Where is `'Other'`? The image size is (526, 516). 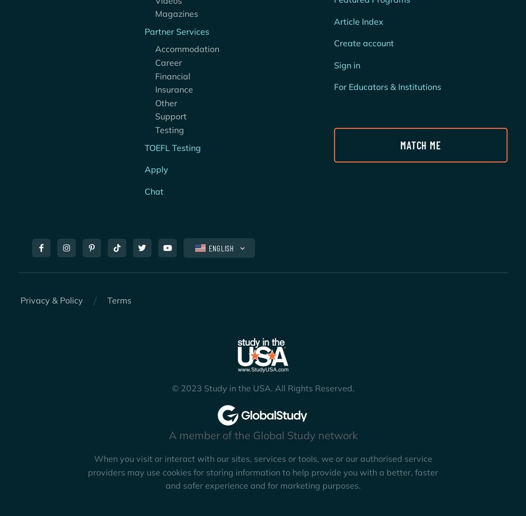 'Other' is located at coordinates (161, 102).